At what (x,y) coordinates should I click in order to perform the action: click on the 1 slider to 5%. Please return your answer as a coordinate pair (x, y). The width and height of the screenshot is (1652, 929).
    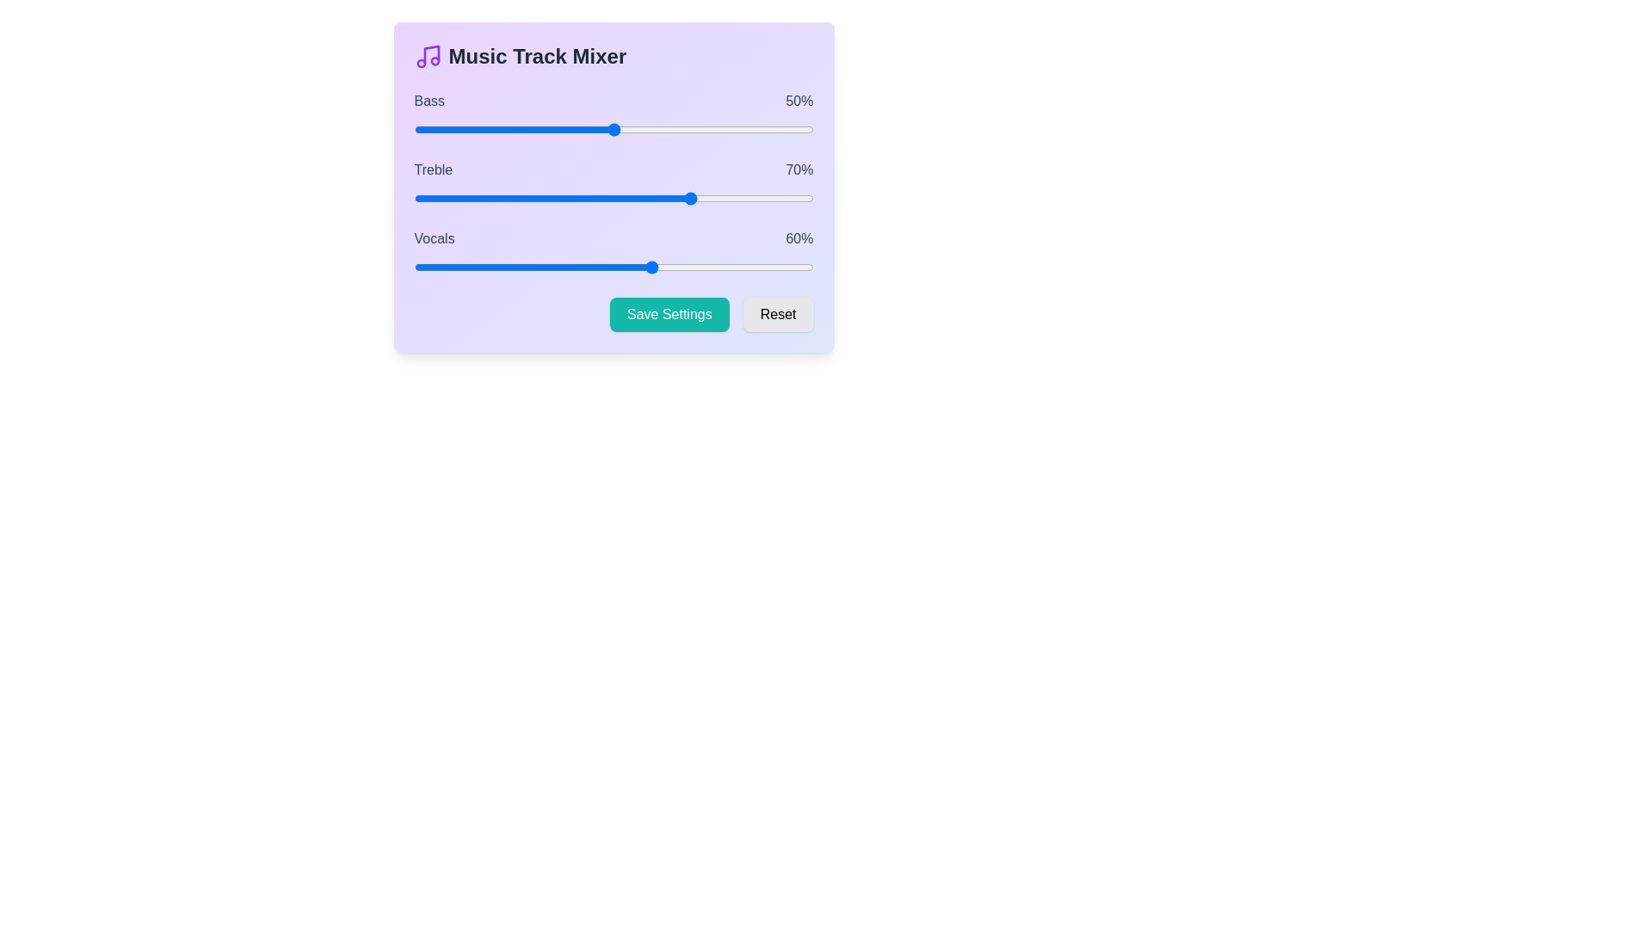
    Looking at the image, I should click on (434, 198).